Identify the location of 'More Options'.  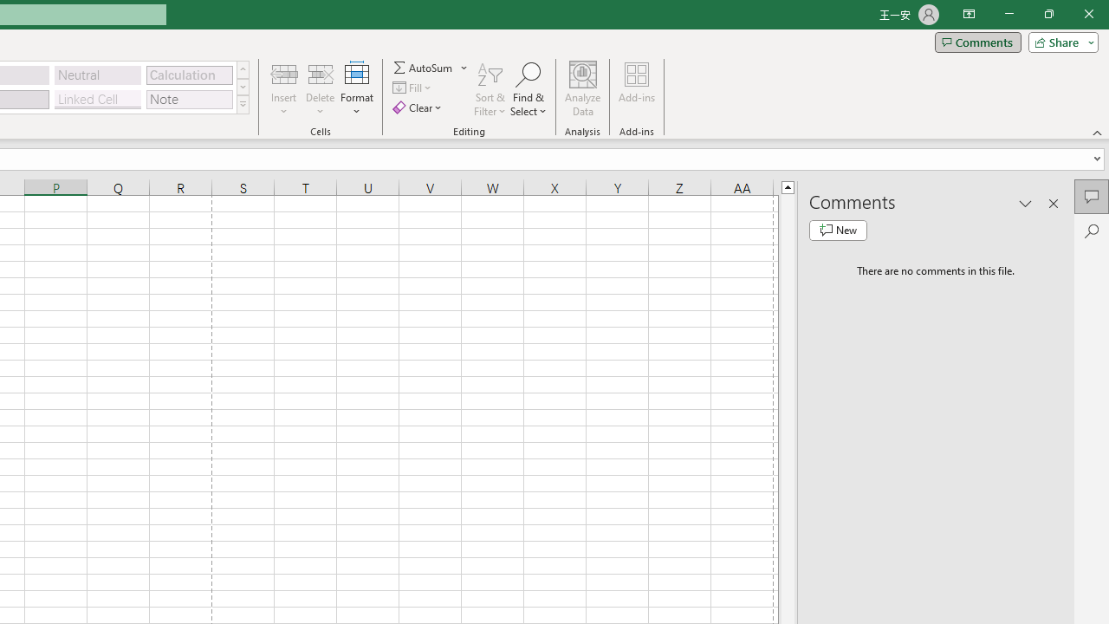
(464, 67).